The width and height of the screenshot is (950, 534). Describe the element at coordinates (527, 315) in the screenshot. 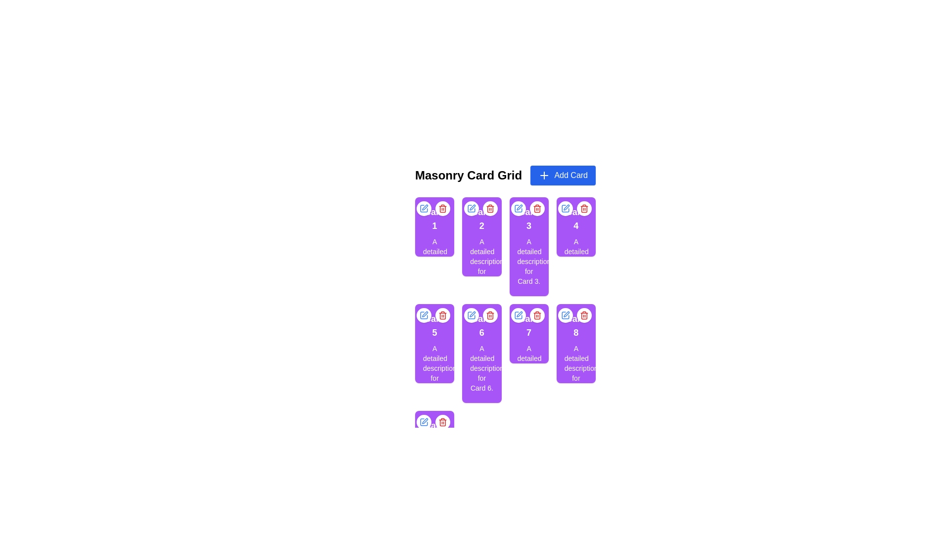

I see `the red trash bin icon in the Button Group located at the top-right corner of 'Card 7' to initiate deletion` at that location.